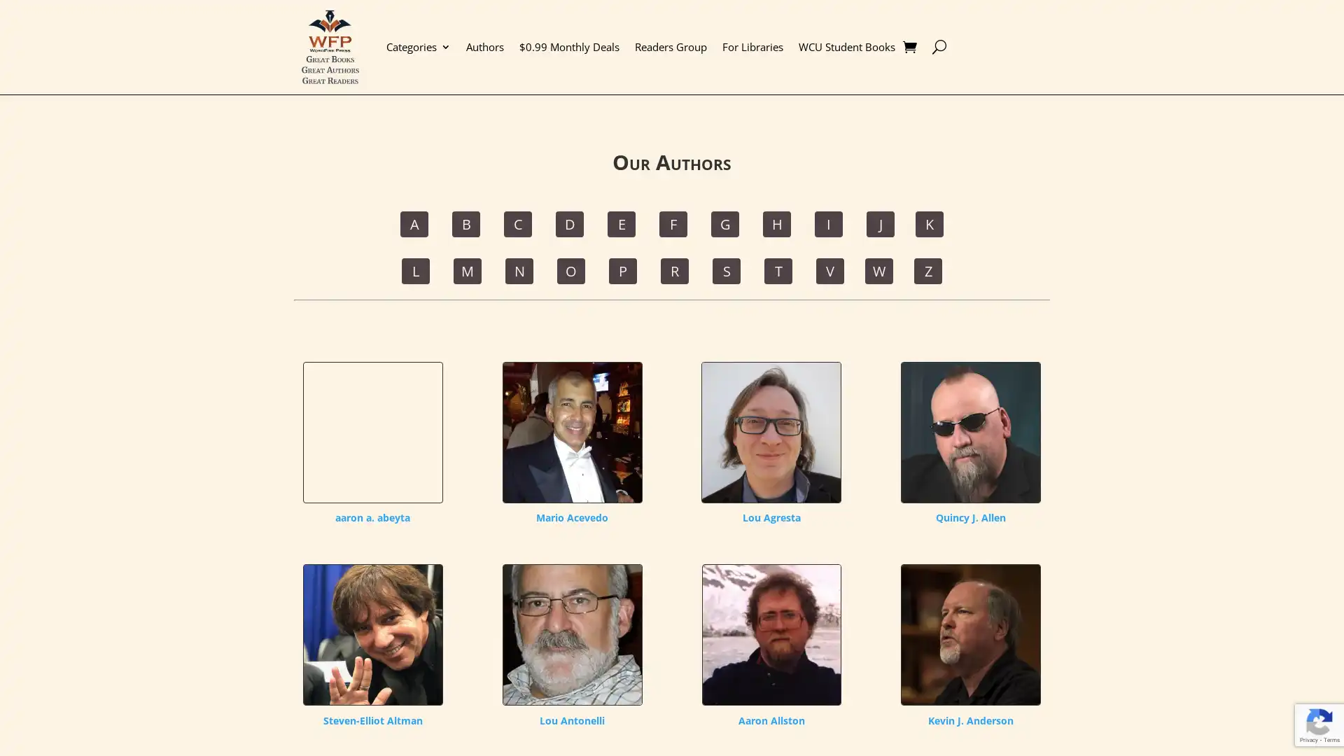 Image resolution: width=1344 pixels, height=756 pixels. Describe the element at coordinates (927, 270) in the screenshot. I see `Z` at that location.